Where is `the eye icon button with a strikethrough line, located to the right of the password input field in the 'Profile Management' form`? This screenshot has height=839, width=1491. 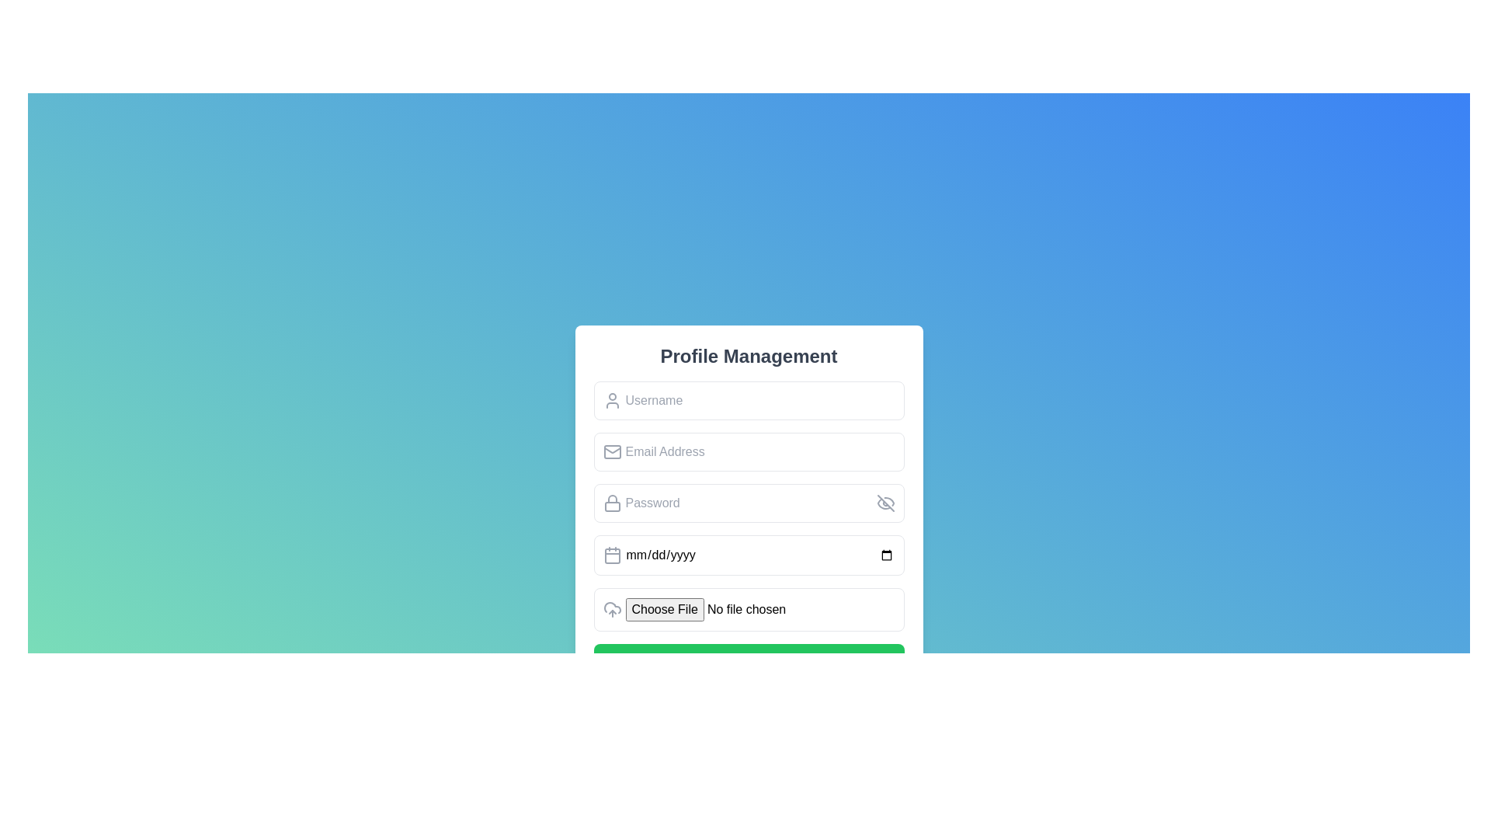
the eye icon button with a strikethrough line, located to the right of the password input field in the 'Profile Management' form is located at coordinates (885, 503).